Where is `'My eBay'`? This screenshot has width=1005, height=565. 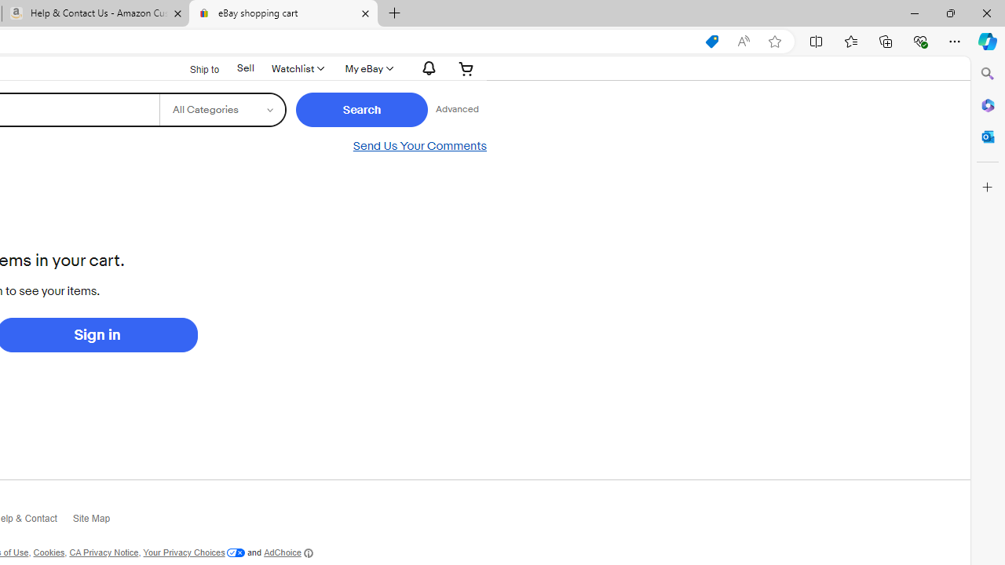
'My eBay' is located at coordinates (367, 67).